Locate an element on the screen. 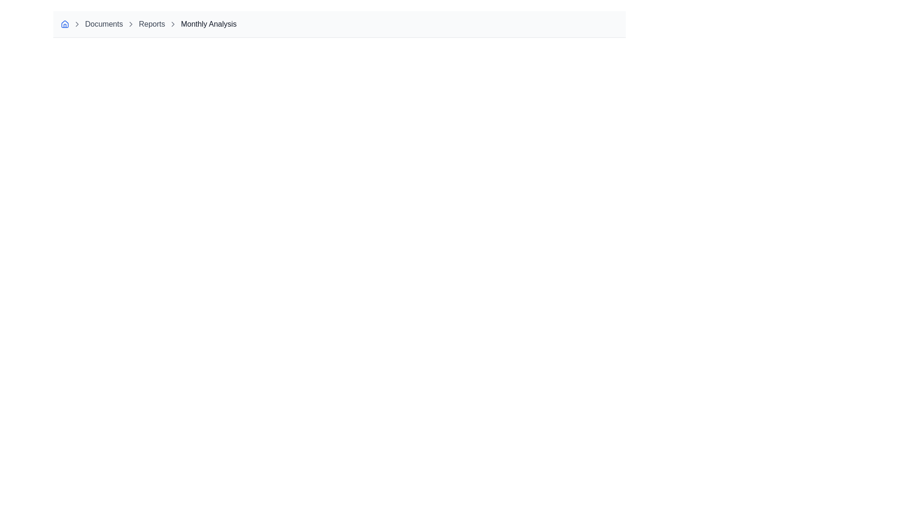  the fourth chevron SVG icon in the breadcrumb navigation that separates 'Reports' and 'Monthly Analysis' is located at coordinates (173, 23).